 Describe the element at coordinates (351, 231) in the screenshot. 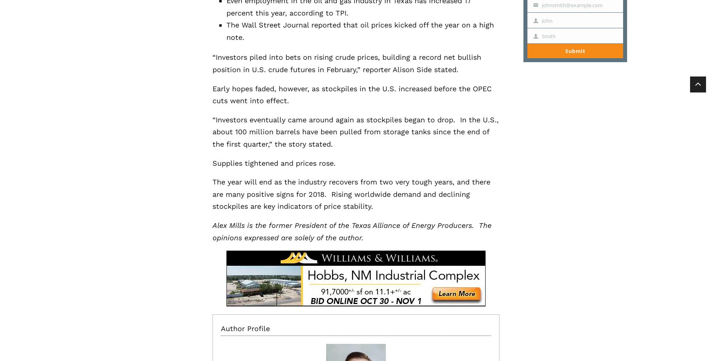

I see `'Alex Mills is the former President of the Texas Alliance of Energy Producers.  The opinions expressed are solely of the author.'` at that location.